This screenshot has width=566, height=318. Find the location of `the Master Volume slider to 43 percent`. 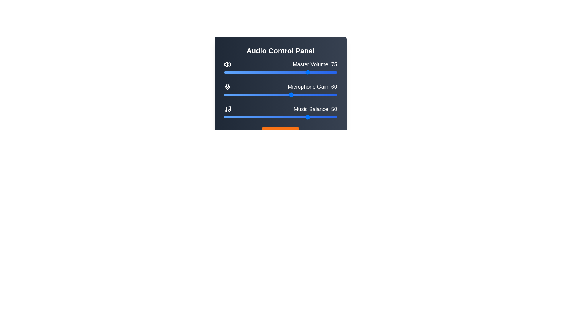

the Master Volume slider to 43 percent is located at coordinates (272, 72).